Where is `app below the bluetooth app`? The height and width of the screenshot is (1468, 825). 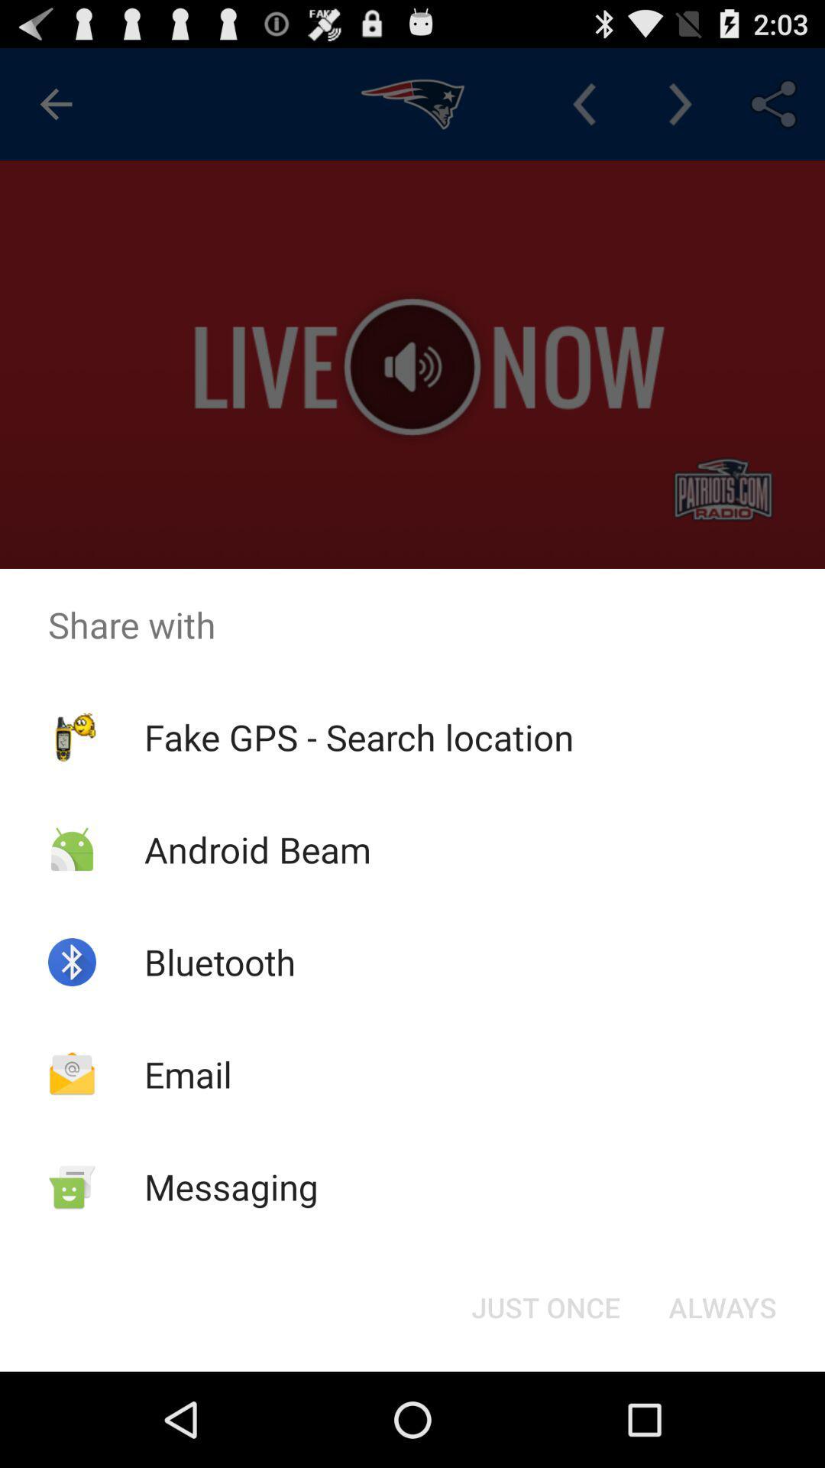
app below the bluetooth app is located at coordinates (187, 1073).